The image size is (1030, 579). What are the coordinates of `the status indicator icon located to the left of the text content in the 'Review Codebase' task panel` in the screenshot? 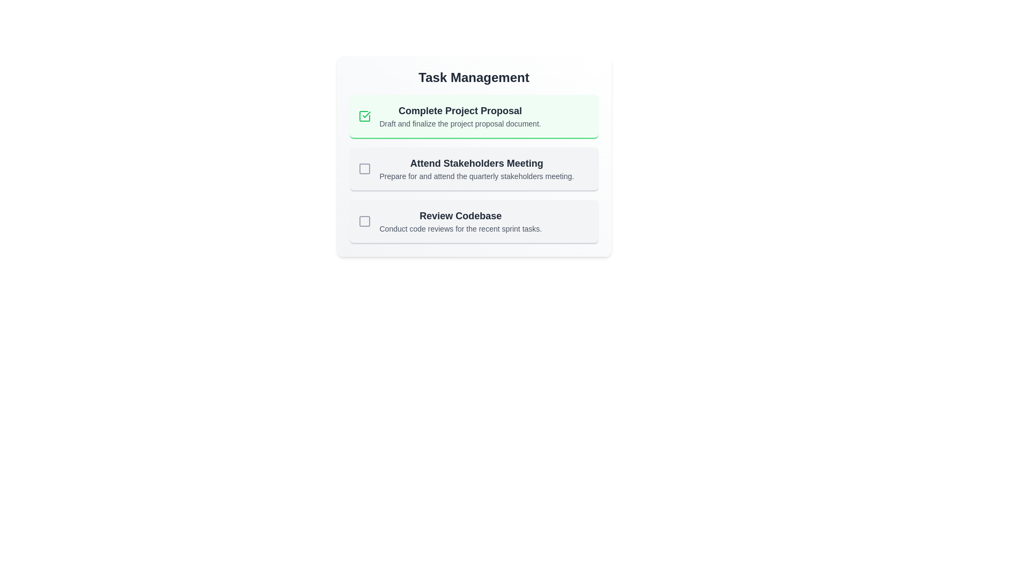 It's located at (364, 220).